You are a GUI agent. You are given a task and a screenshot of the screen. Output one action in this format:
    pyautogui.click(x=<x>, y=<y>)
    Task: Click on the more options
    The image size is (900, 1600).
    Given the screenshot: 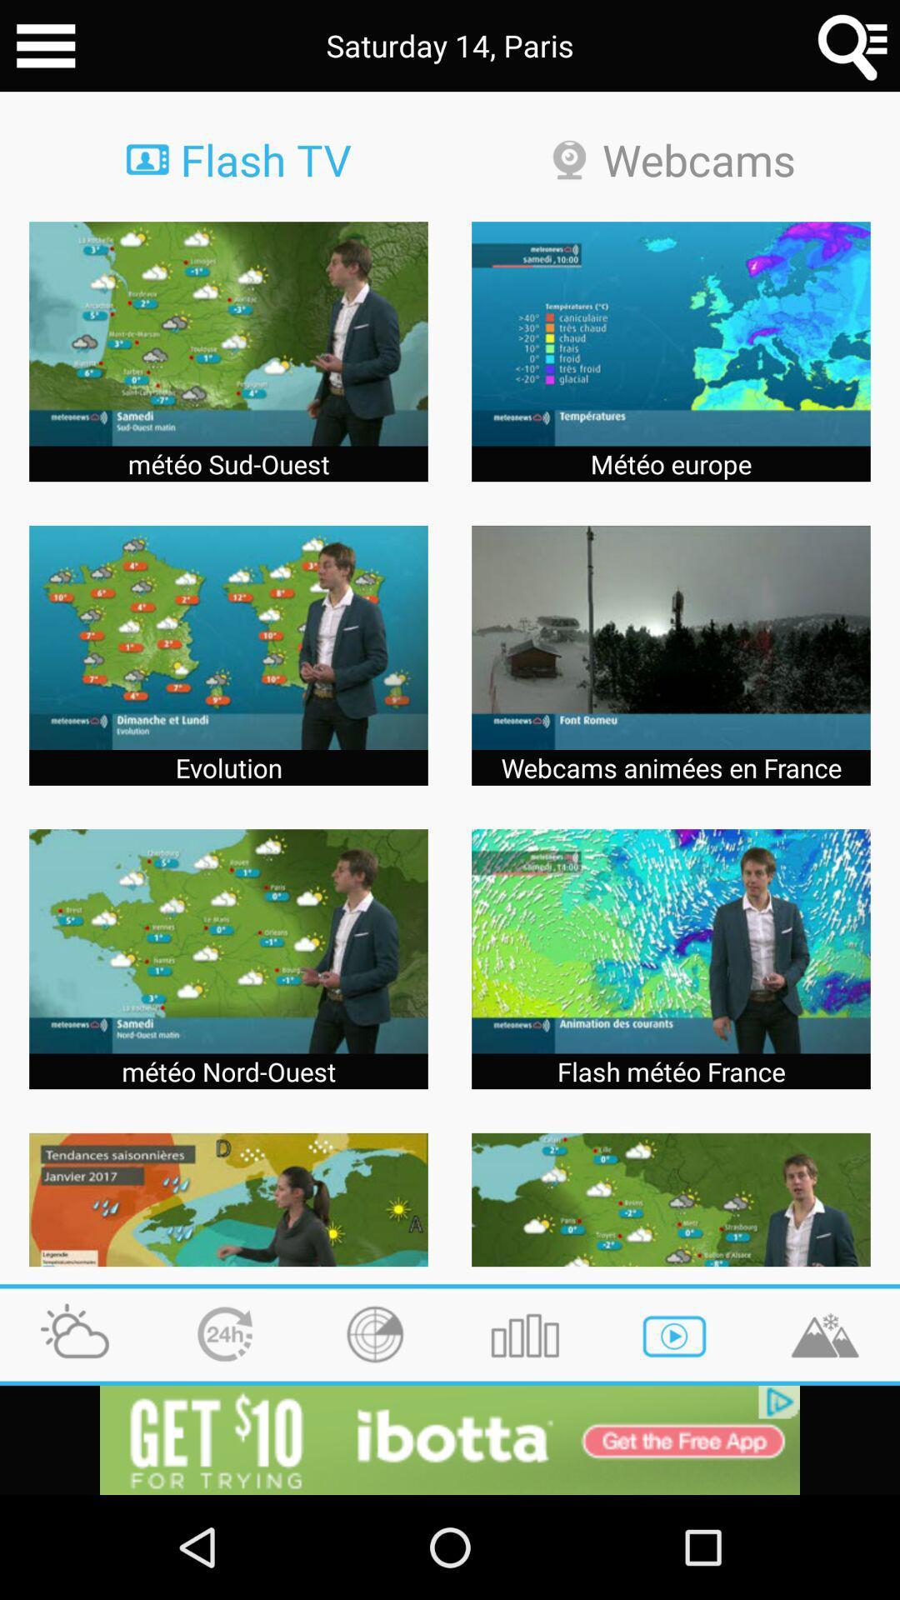 What is the action you would take?
    pyautogui.click(x=45, y=46)
    